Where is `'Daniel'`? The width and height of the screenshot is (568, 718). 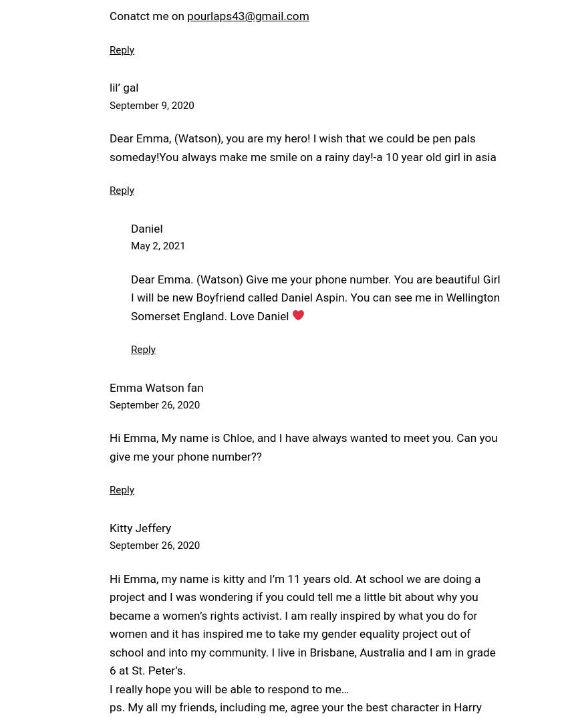
'Daniel' is located at coordinates (146, 227).